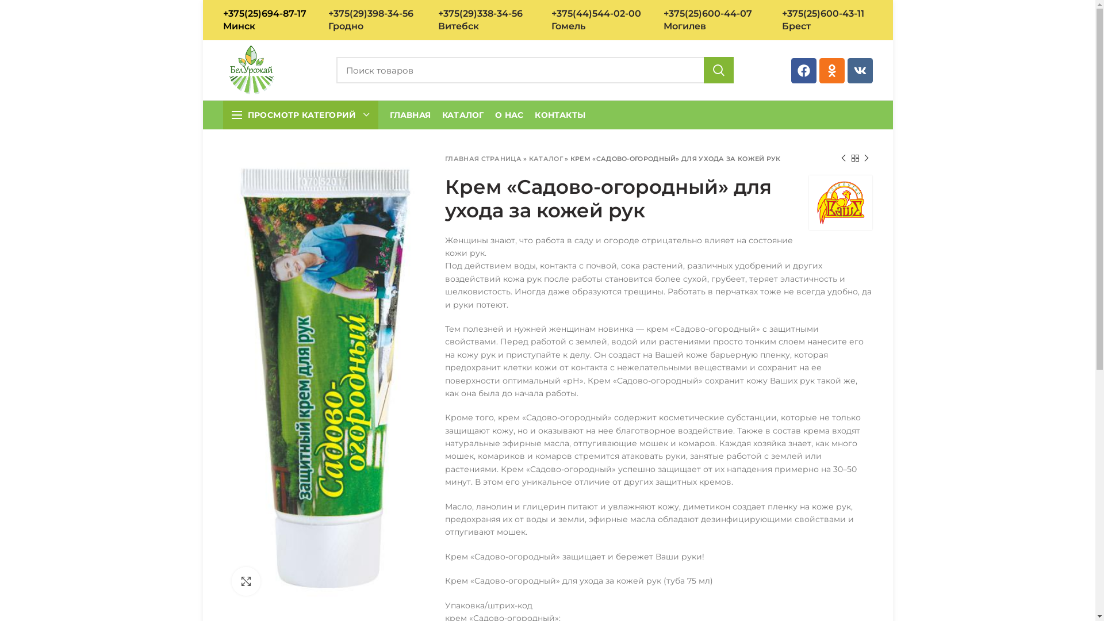 The height and width of the screenshot is (621, 1104). What do you see at coordinates (325, 378) in the screenshot?
I see `'vhoz_sadovo-ogorodnyj_75ml_ver2017-01_4620015690254.jpg'` at bounding box center [325, 378].